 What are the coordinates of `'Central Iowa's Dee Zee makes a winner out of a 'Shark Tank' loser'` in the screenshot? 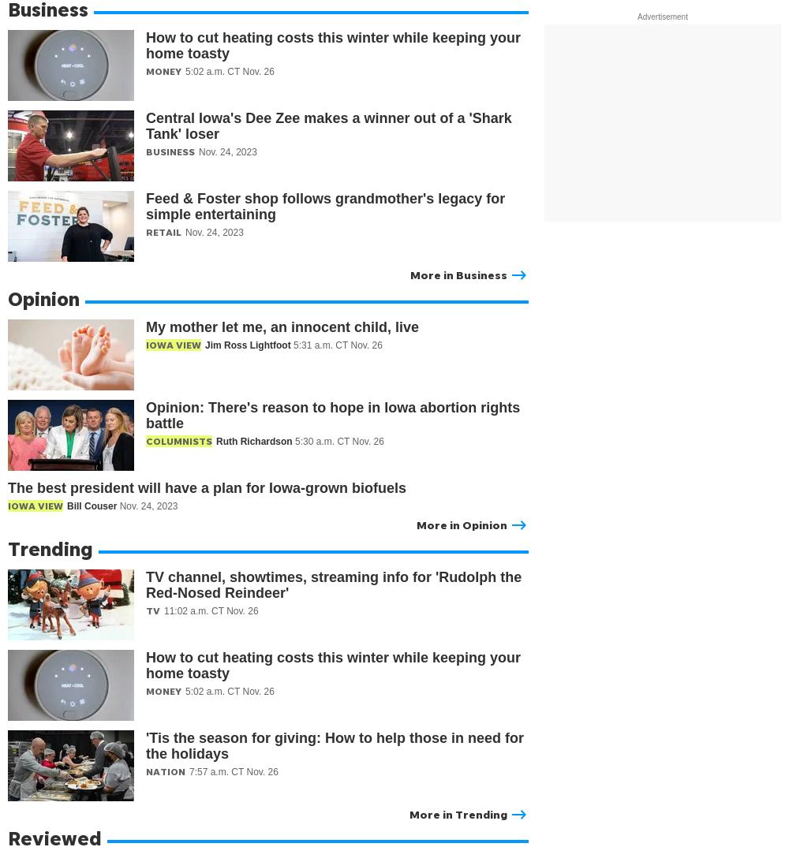 It's located at (328, 125).